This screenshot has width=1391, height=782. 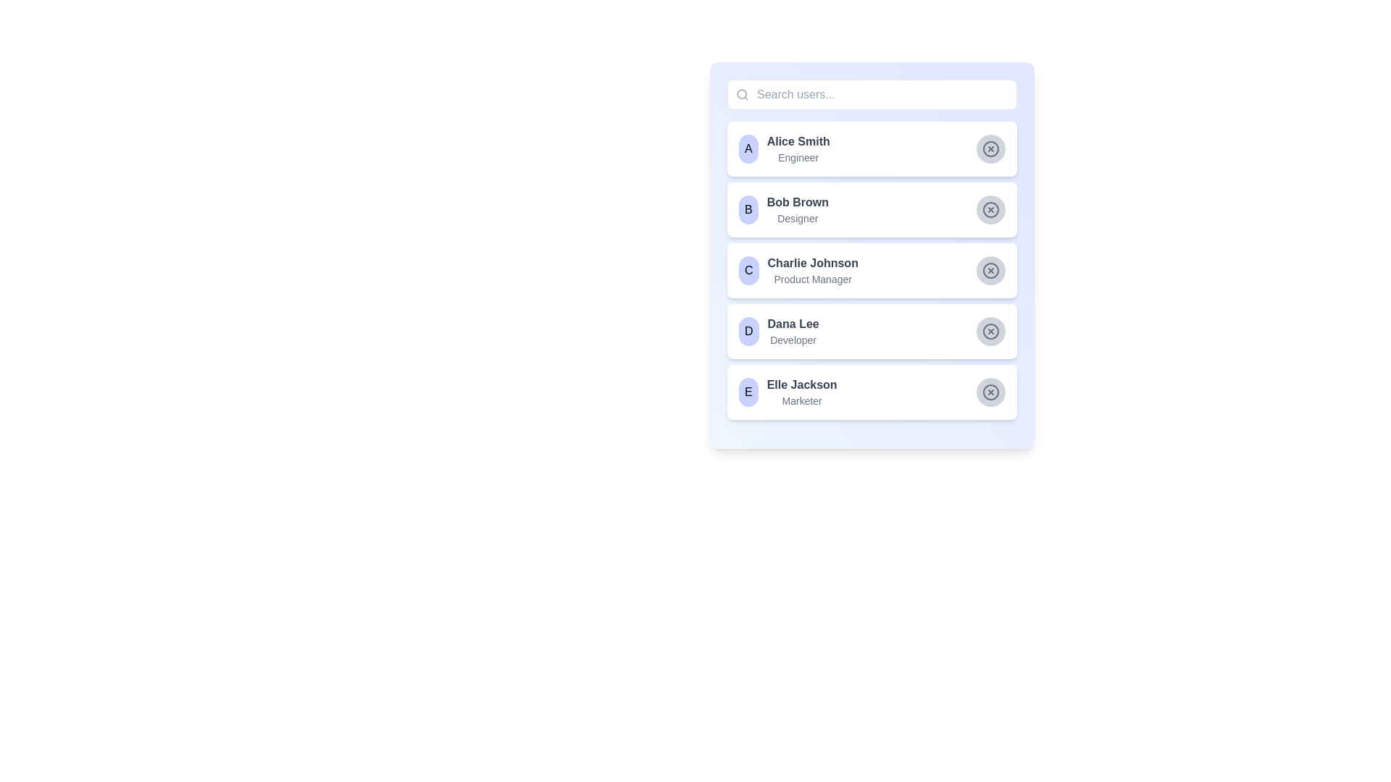 I want to click on the circular lens of the magnifying glass in the search icon located at the top-left corner of the interface, so click(x=742, y=94).